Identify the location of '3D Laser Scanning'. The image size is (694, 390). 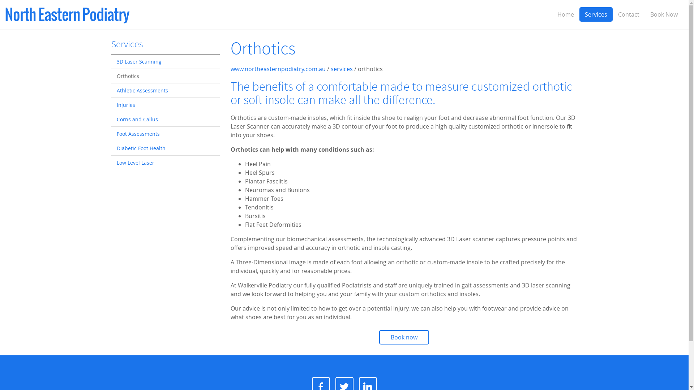
(165, 61).